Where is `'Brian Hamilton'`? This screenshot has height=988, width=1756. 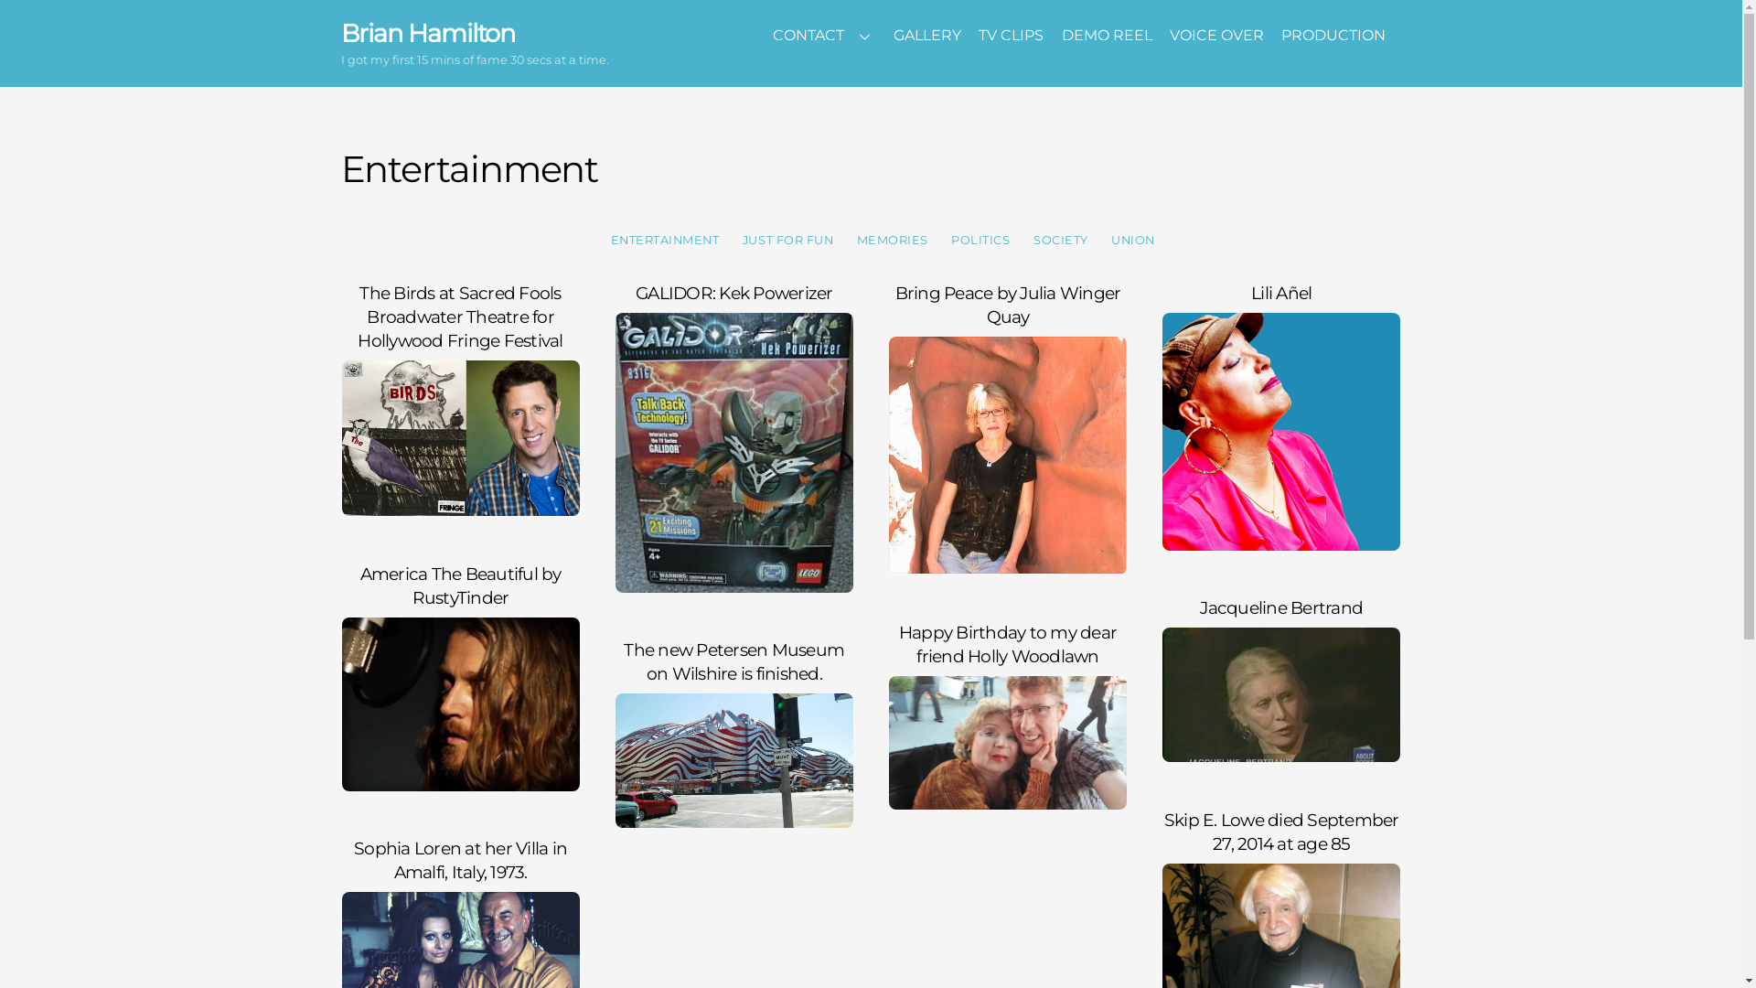
'Brian Hamilton' is located at coordinates (426, 33).